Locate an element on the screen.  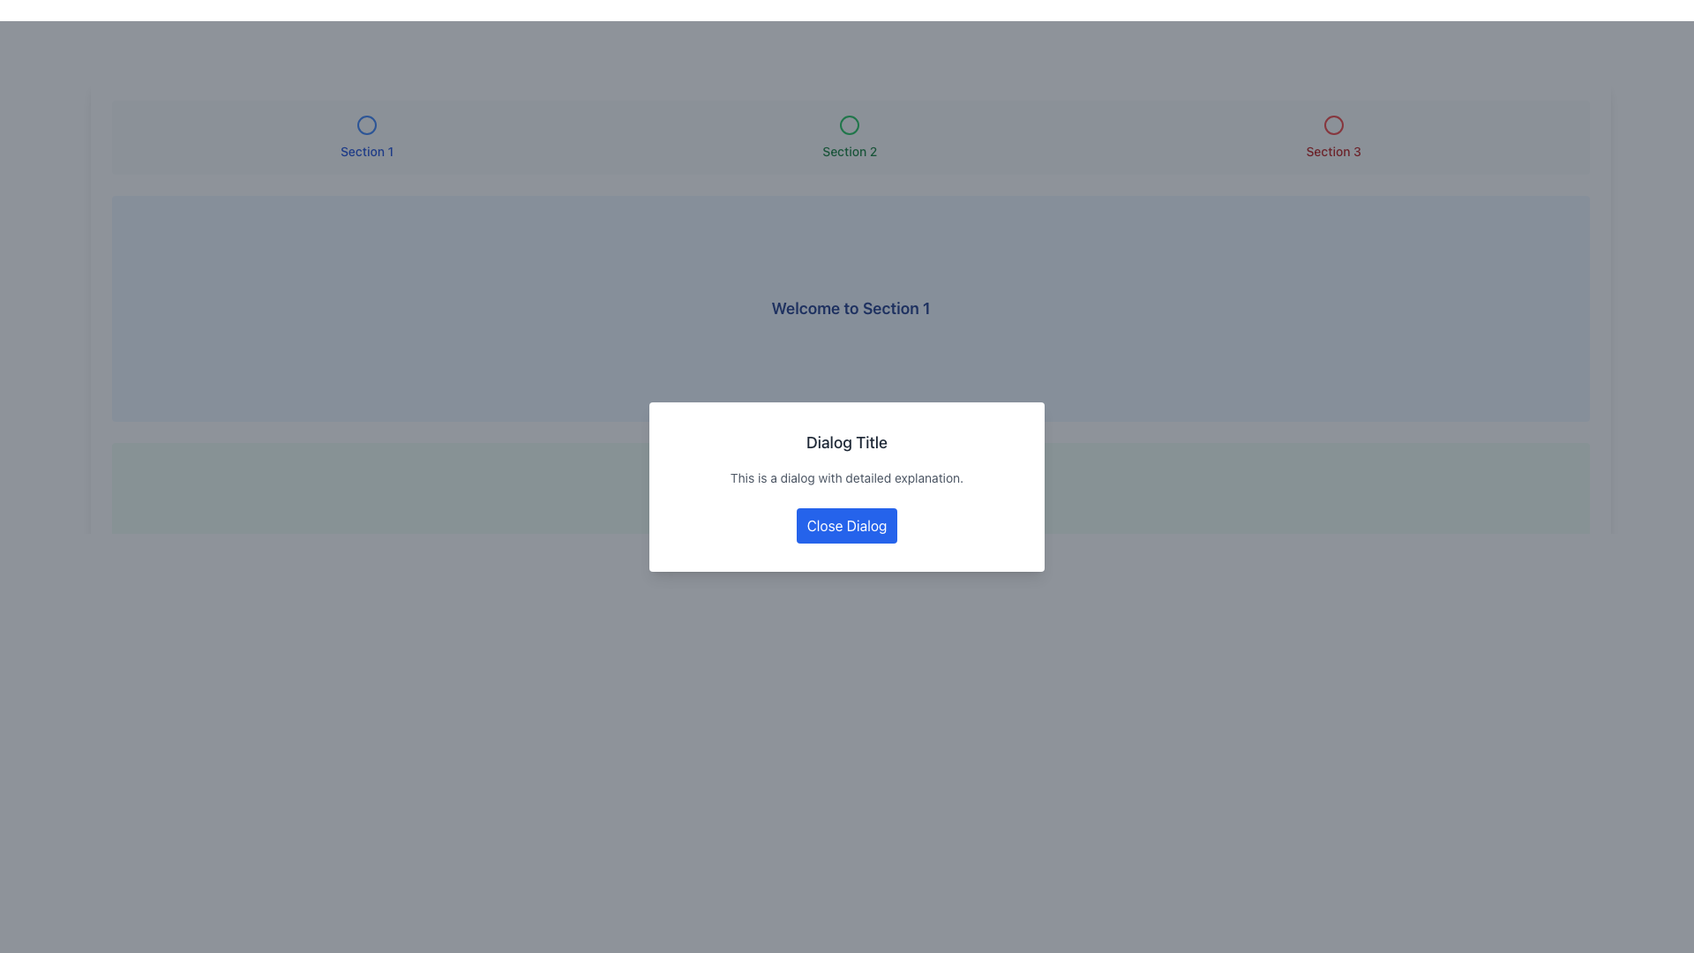
text content of the title Text Label located at the header section of the white dialog box with rounded edges and shadow is located at coordinates (847, 441).